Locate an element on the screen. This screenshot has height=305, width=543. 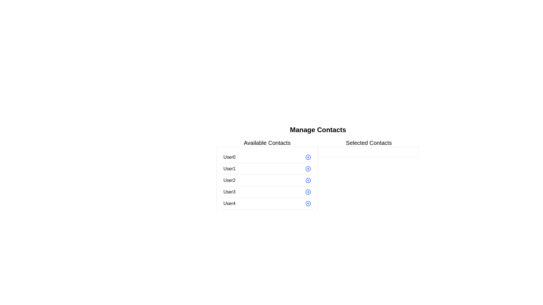
the button to add 'User3' to the selected contacts list, which is positioned to the right of the text 'User3' in the 'Available Contacts' section is located at coordinates (308, 191).